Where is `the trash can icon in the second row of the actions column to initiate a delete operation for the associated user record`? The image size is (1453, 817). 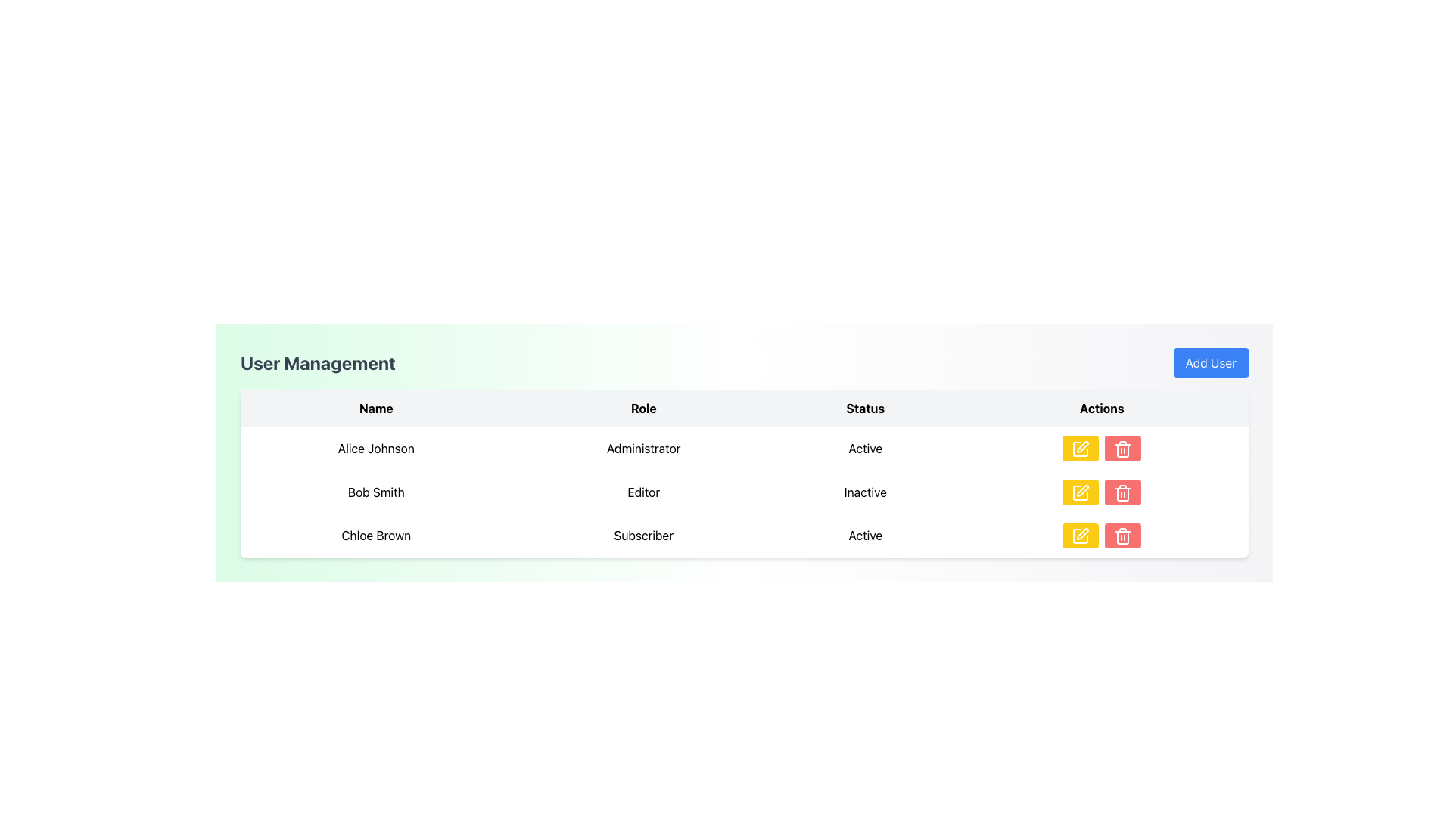 the trash can icon in the second row of the actions column to initiate a delete operation for the associated user record is located at coordinates (1122, 492).